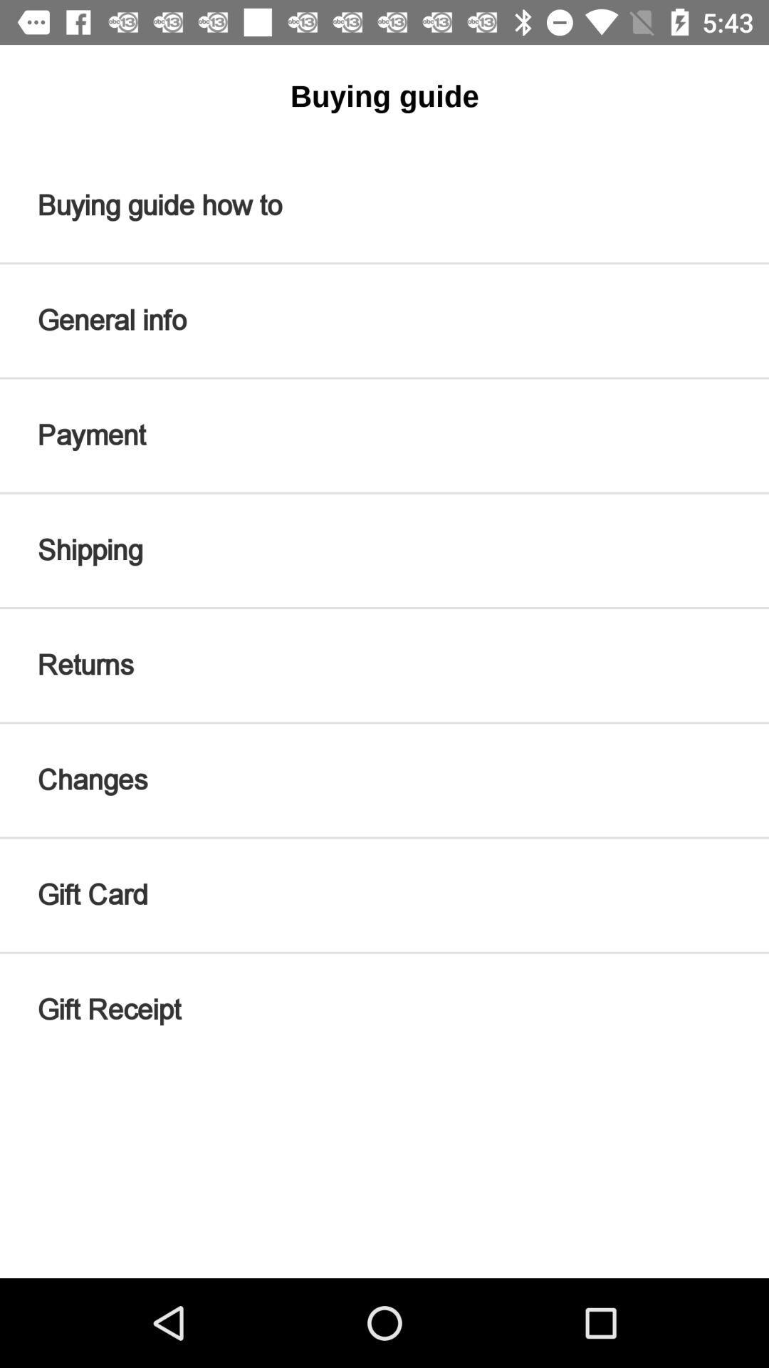 This screenshot has height=1368, width=769. I want to click on gift receipt item, so click(384, 1009).